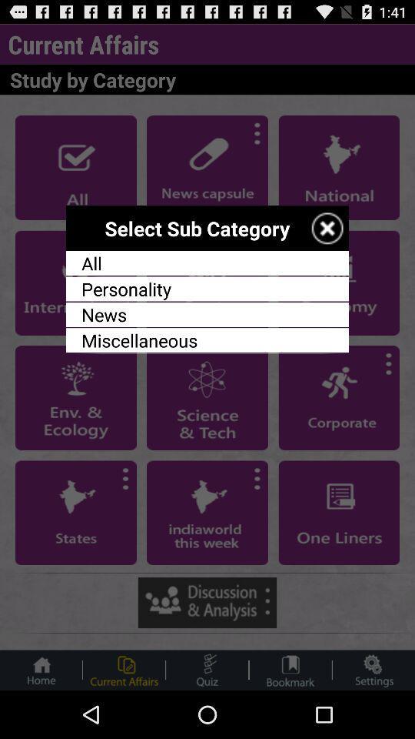  I want to click on the news app, so click(207, 313).